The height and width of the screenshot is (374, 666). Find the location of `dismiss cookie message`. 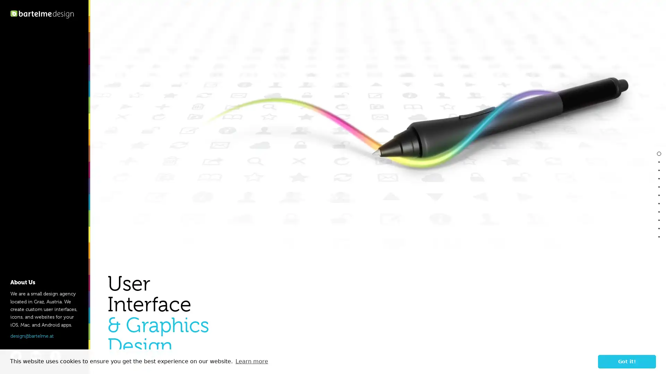

dismiss cookie message is located at coordinates (627, 361).